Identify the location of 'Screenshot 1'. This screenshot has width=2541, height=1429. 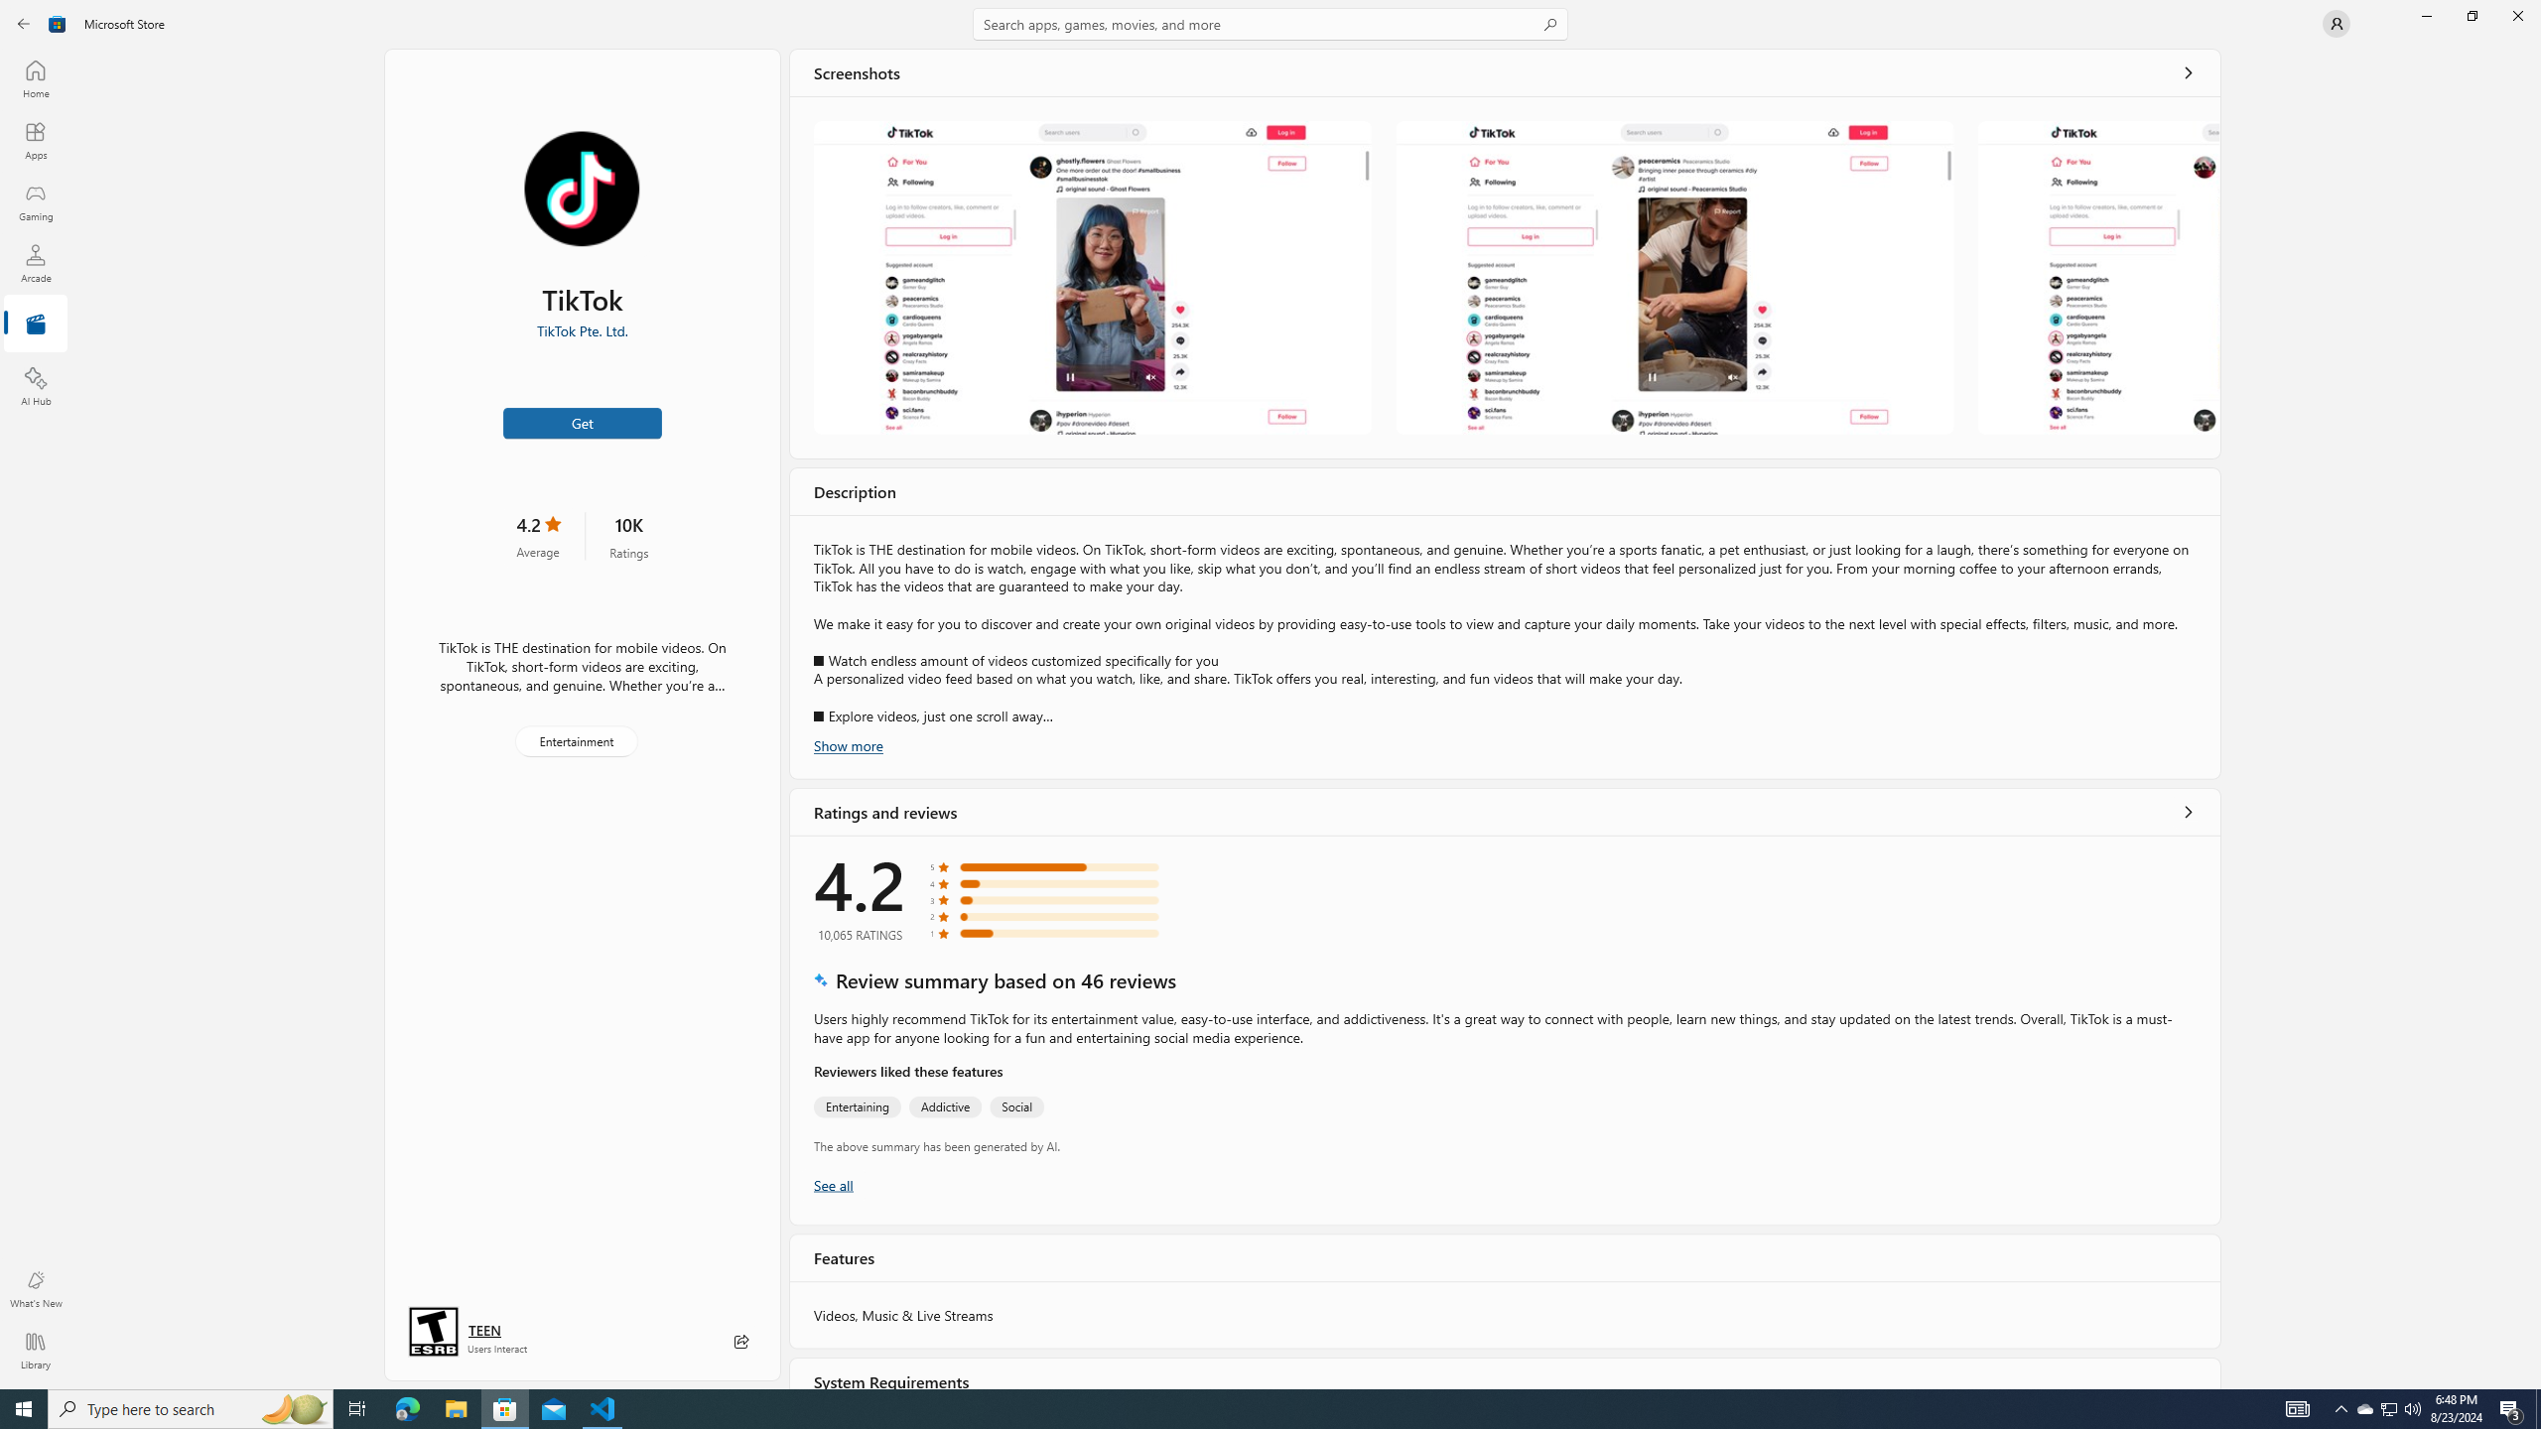
(1092, 277).